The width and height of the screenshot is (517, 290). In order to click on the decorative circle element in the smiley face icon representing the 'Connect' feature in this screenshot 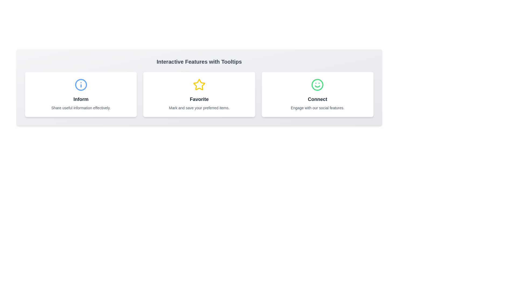, I will do `click(317, 85)`.